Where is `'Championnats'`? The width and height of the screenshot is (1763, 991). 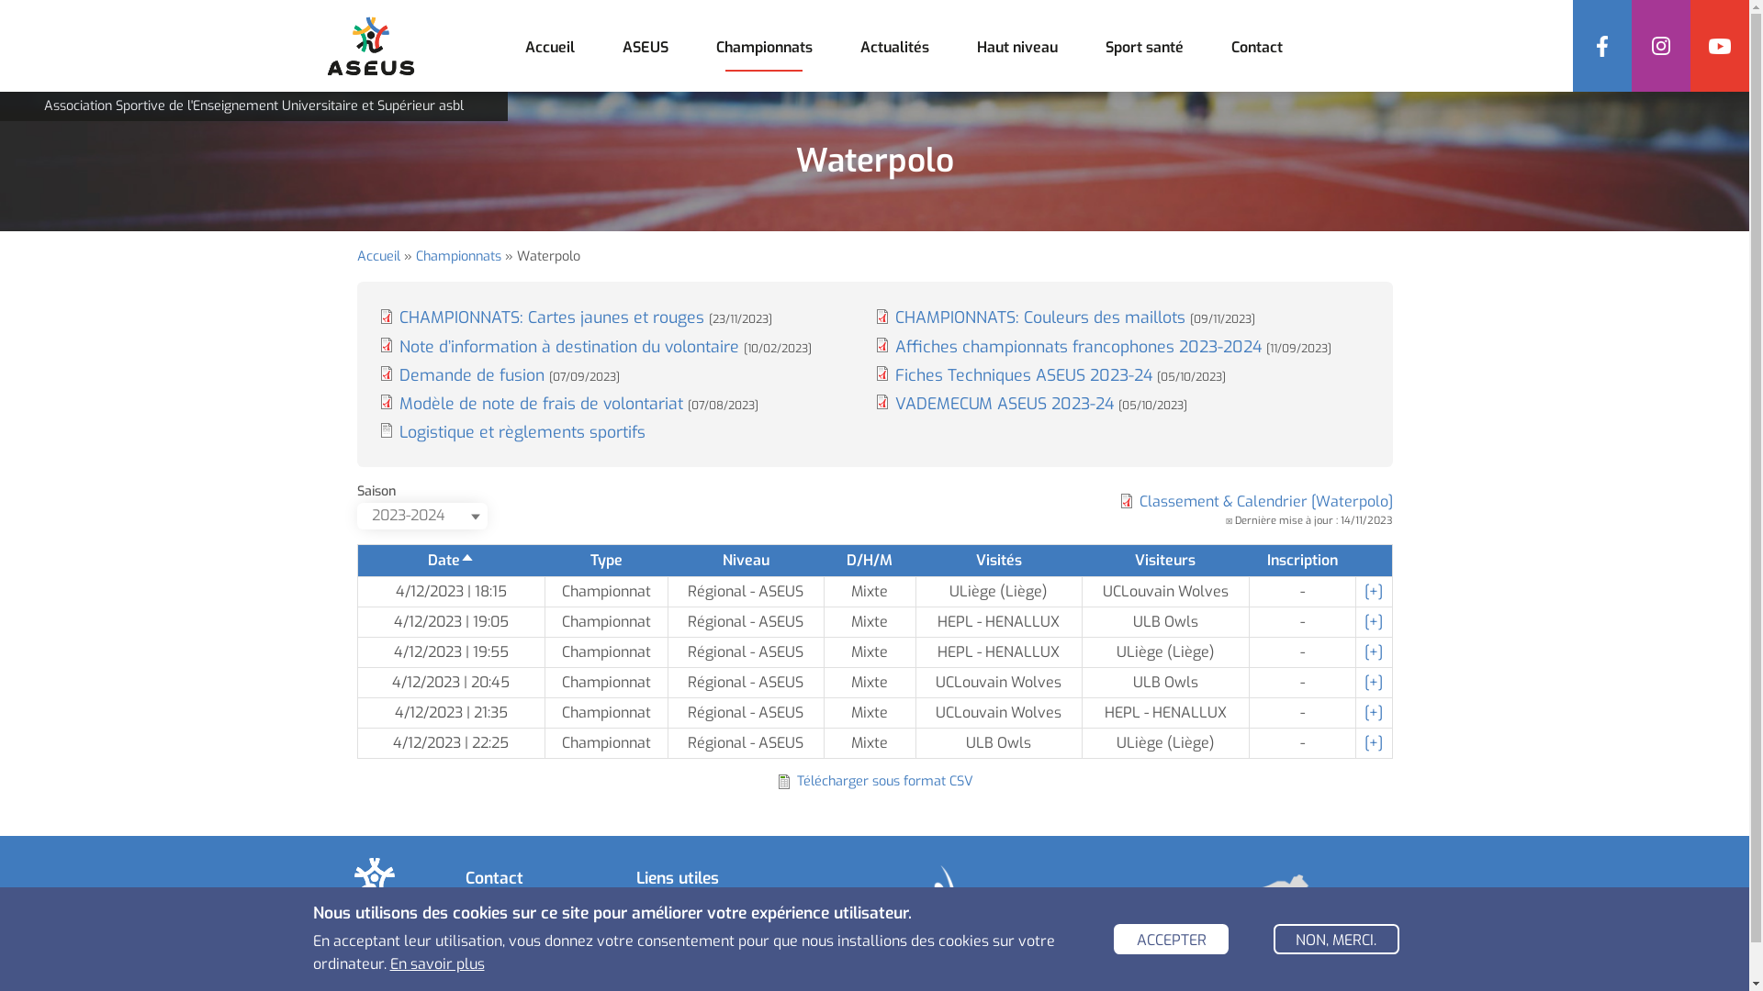
'Championnats' is located at coordinates (457, 256).